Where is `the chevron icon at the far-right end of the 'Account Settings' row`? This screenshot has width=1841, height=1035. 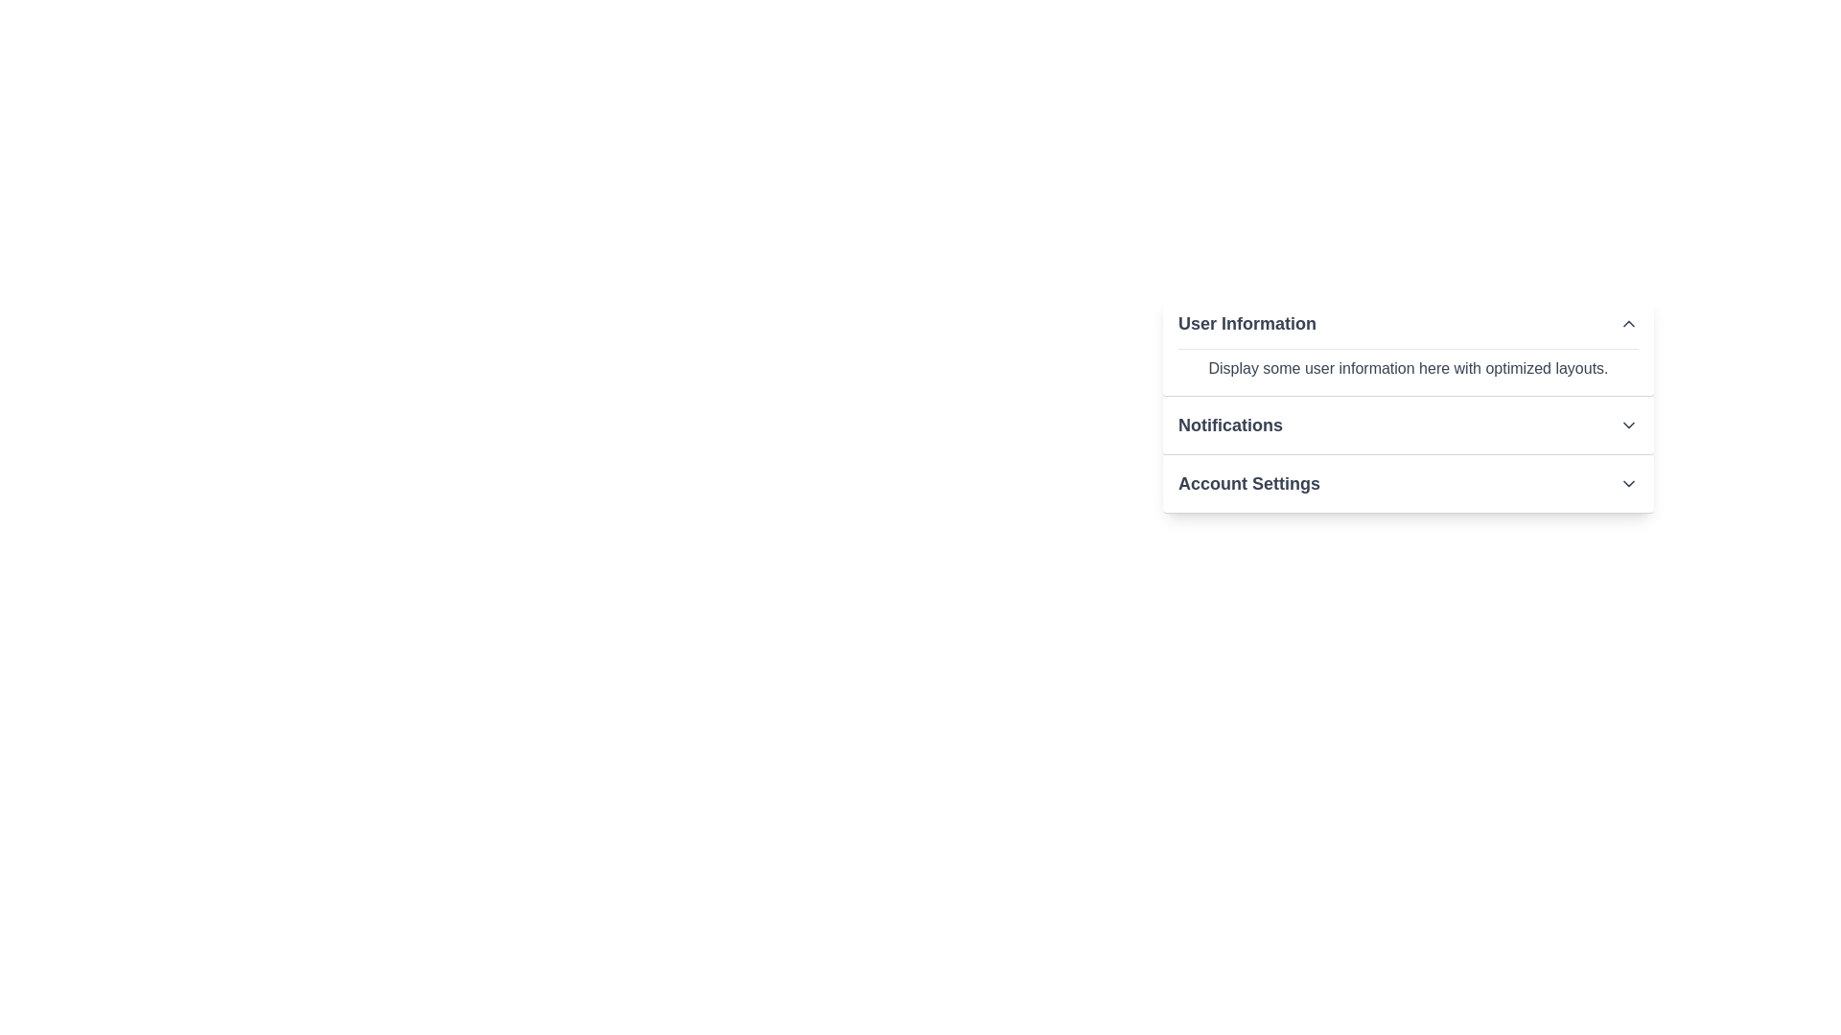 the chevron icon at the far-right end of the 'Account Settings' row is located at coordinates (1628, 483).